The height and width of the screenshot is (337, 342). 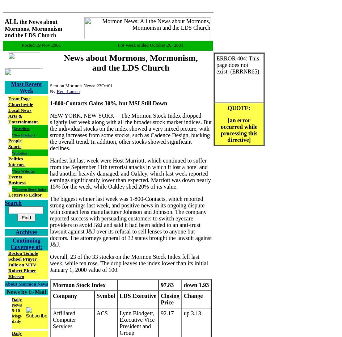 I want to click on 'Archives', so click(x=26, y=232).